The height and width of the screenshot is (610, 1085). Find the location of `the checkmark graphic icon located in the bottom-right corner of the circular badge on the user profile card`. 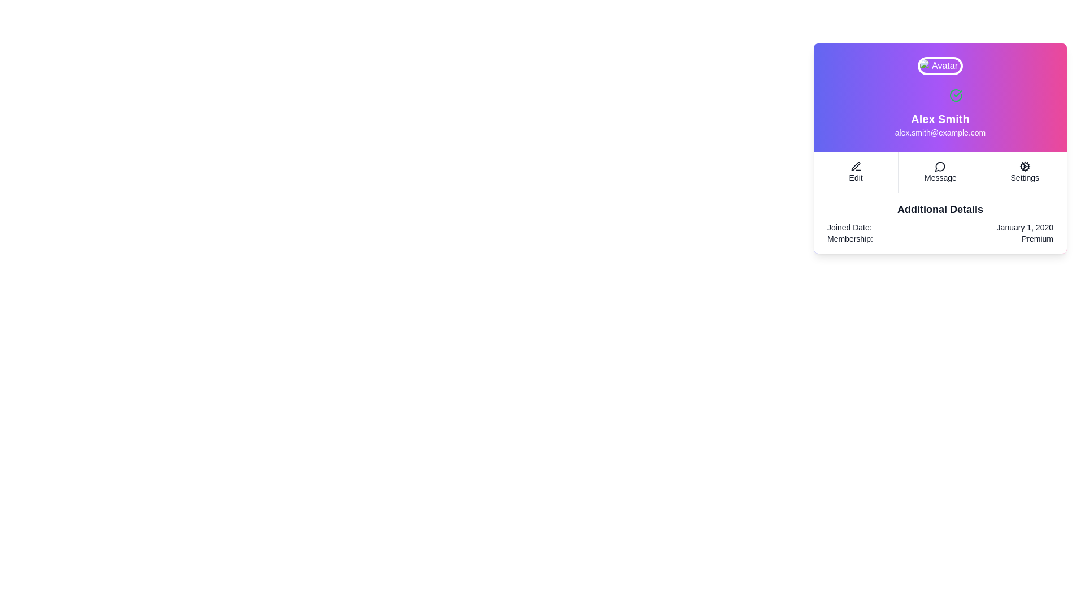

the checkmark graphic icon located in the bottom-right corner of the circular badge on the user profile card is located at coordinates (957, 93).